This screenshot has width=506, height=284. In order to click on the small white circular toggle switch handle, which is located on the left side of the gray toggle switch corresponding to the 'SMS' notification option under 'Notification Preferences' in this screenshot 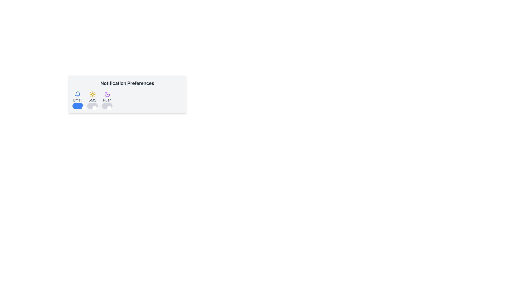, I will do `click(95, 108)`.